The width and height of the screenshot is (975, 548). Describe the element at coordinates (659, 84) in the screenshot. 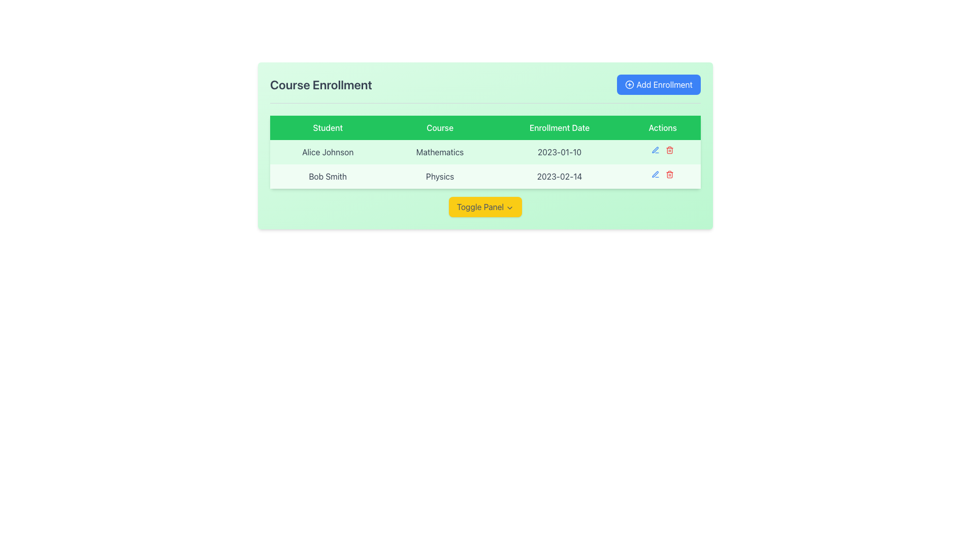

I see `the button located in the upper-right corner of the 'Course Enrollment' section` at that location.